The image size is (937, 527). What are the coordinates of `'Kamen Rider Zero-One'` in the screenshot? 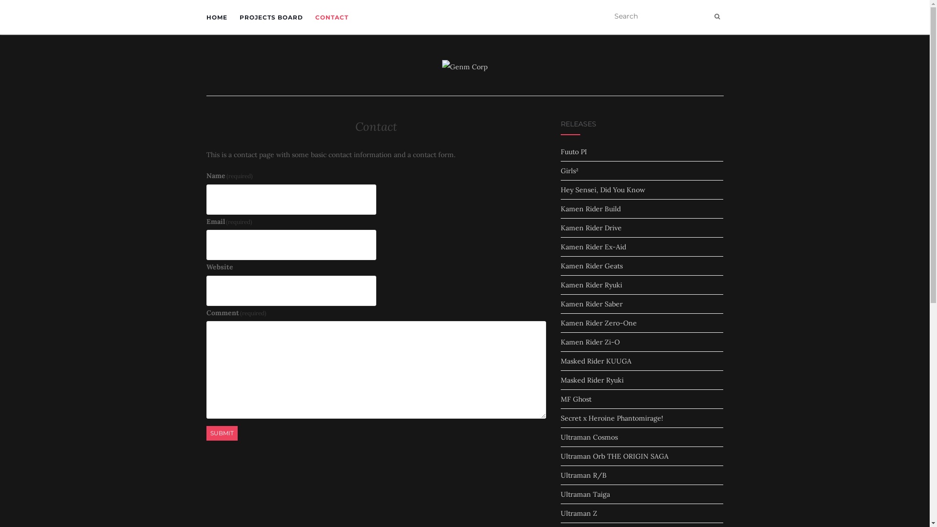 It's located at (598, 323).